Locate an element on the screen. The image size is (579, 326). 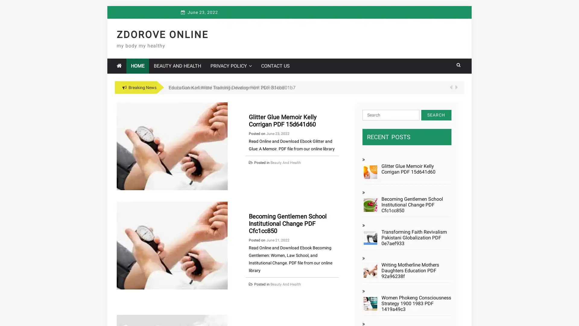
Search is located at coordinates (436, 115).